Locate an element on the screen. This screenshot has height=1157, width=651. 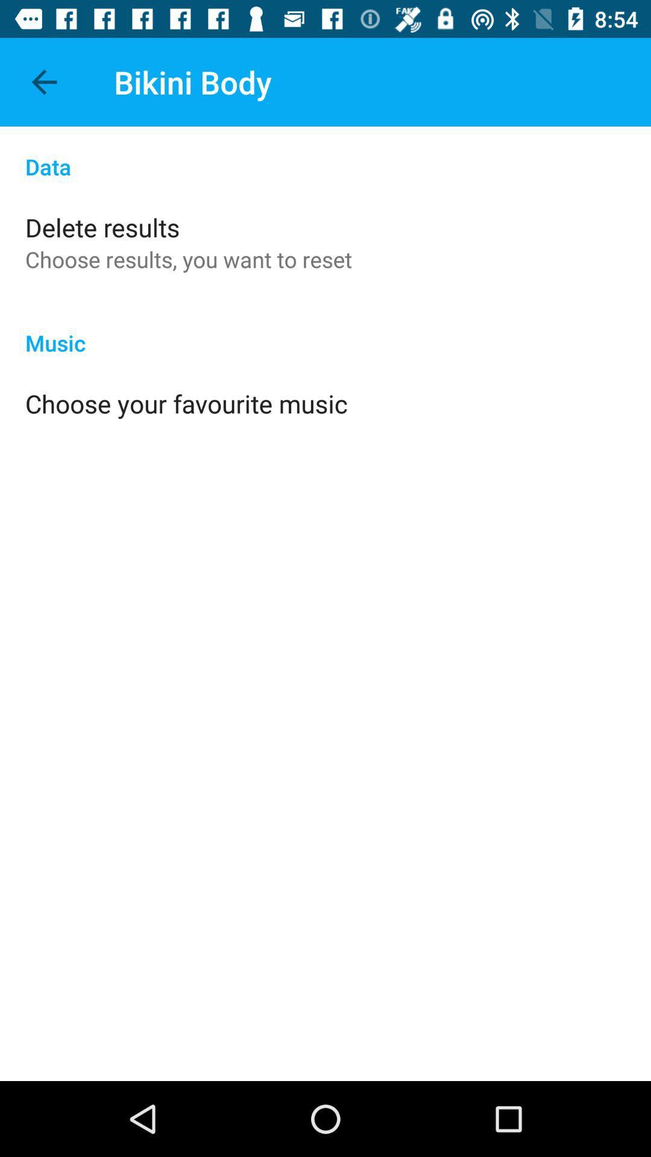
app below music app is located at coordinates (186, 403).